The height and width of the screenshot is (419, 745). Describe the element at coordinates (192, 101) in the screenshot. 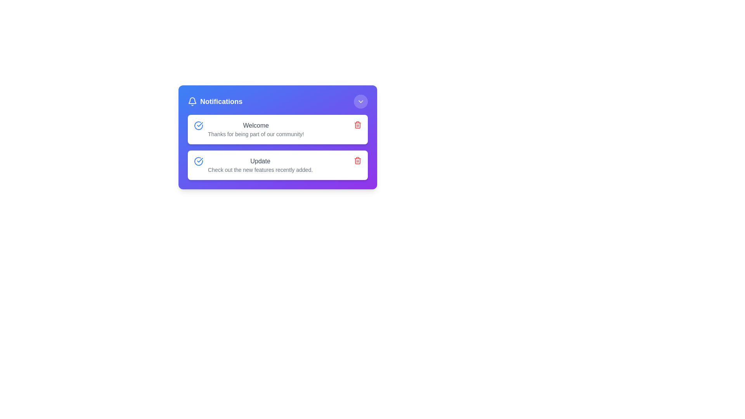

I see `the bell-shaped notification icon with a circular notification indicator, which is located in the header of the notification panel, adjacent to the text "Notifications"` at that location.